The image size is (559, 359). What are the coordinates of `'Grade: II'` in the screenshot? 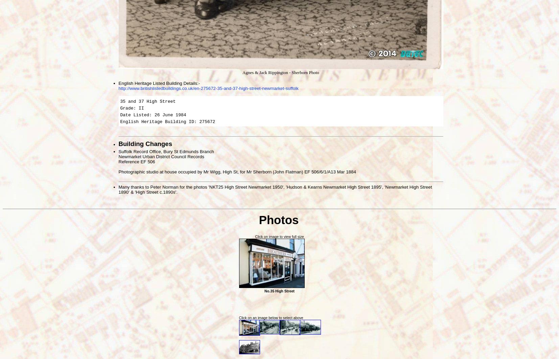 It's located at (120, 108).